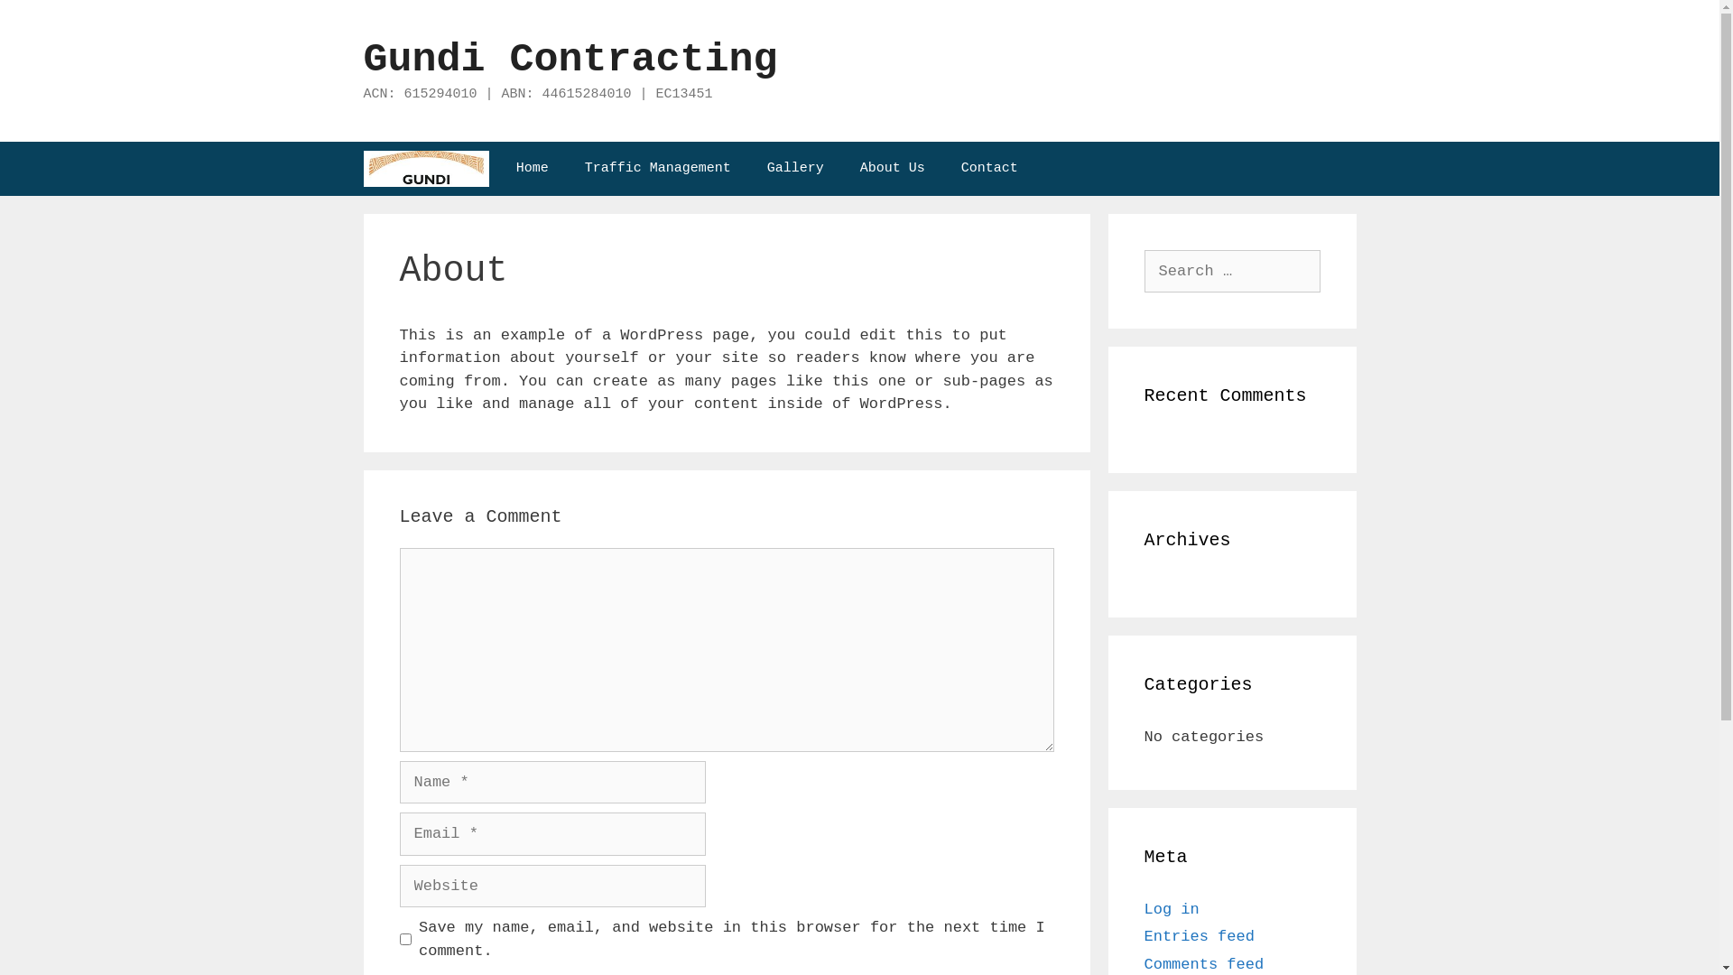  I want to click on 'About Us', so click(840, 167).